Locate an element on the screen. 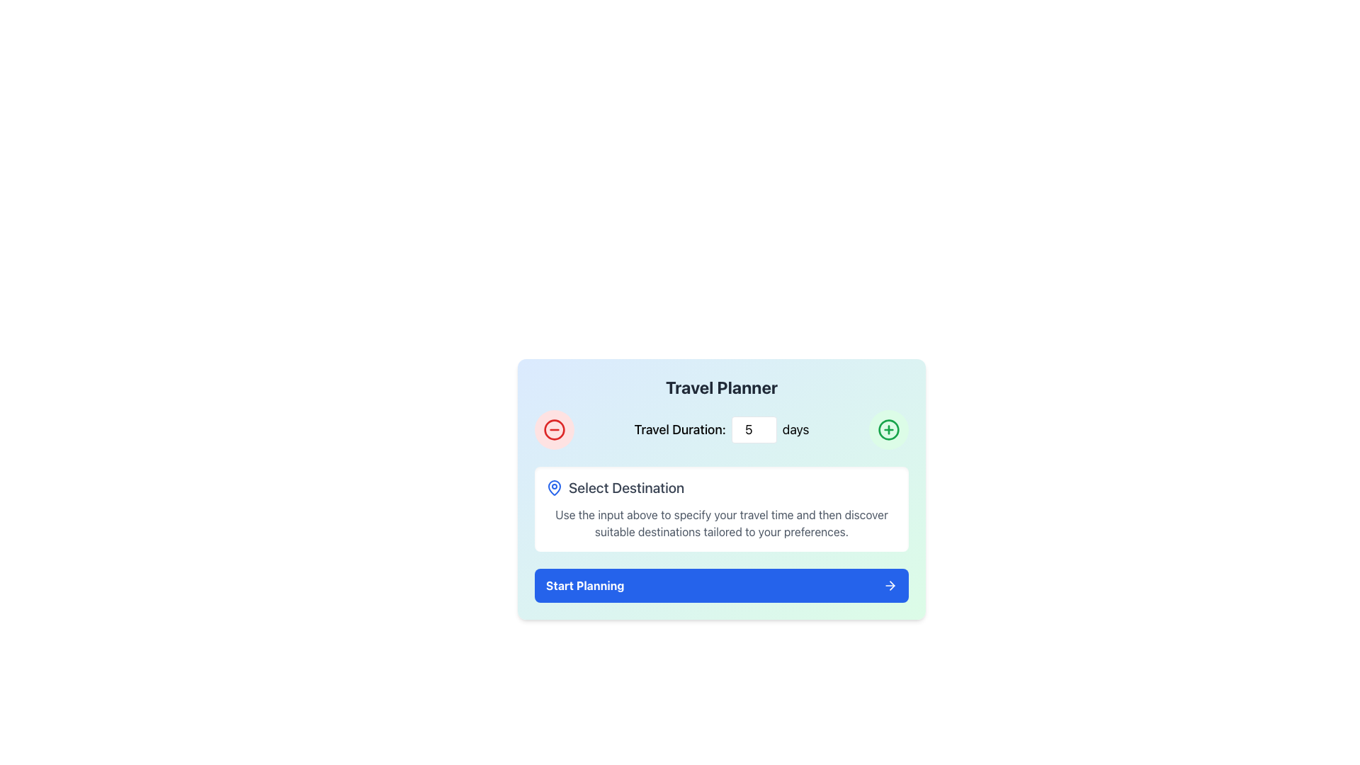  the static text label displaying 'days', which is styled with a large font and located adjacent to a numeric input field for specifying travel duration in the 'Travel Planner' interface is located at coordinates (795, 429).